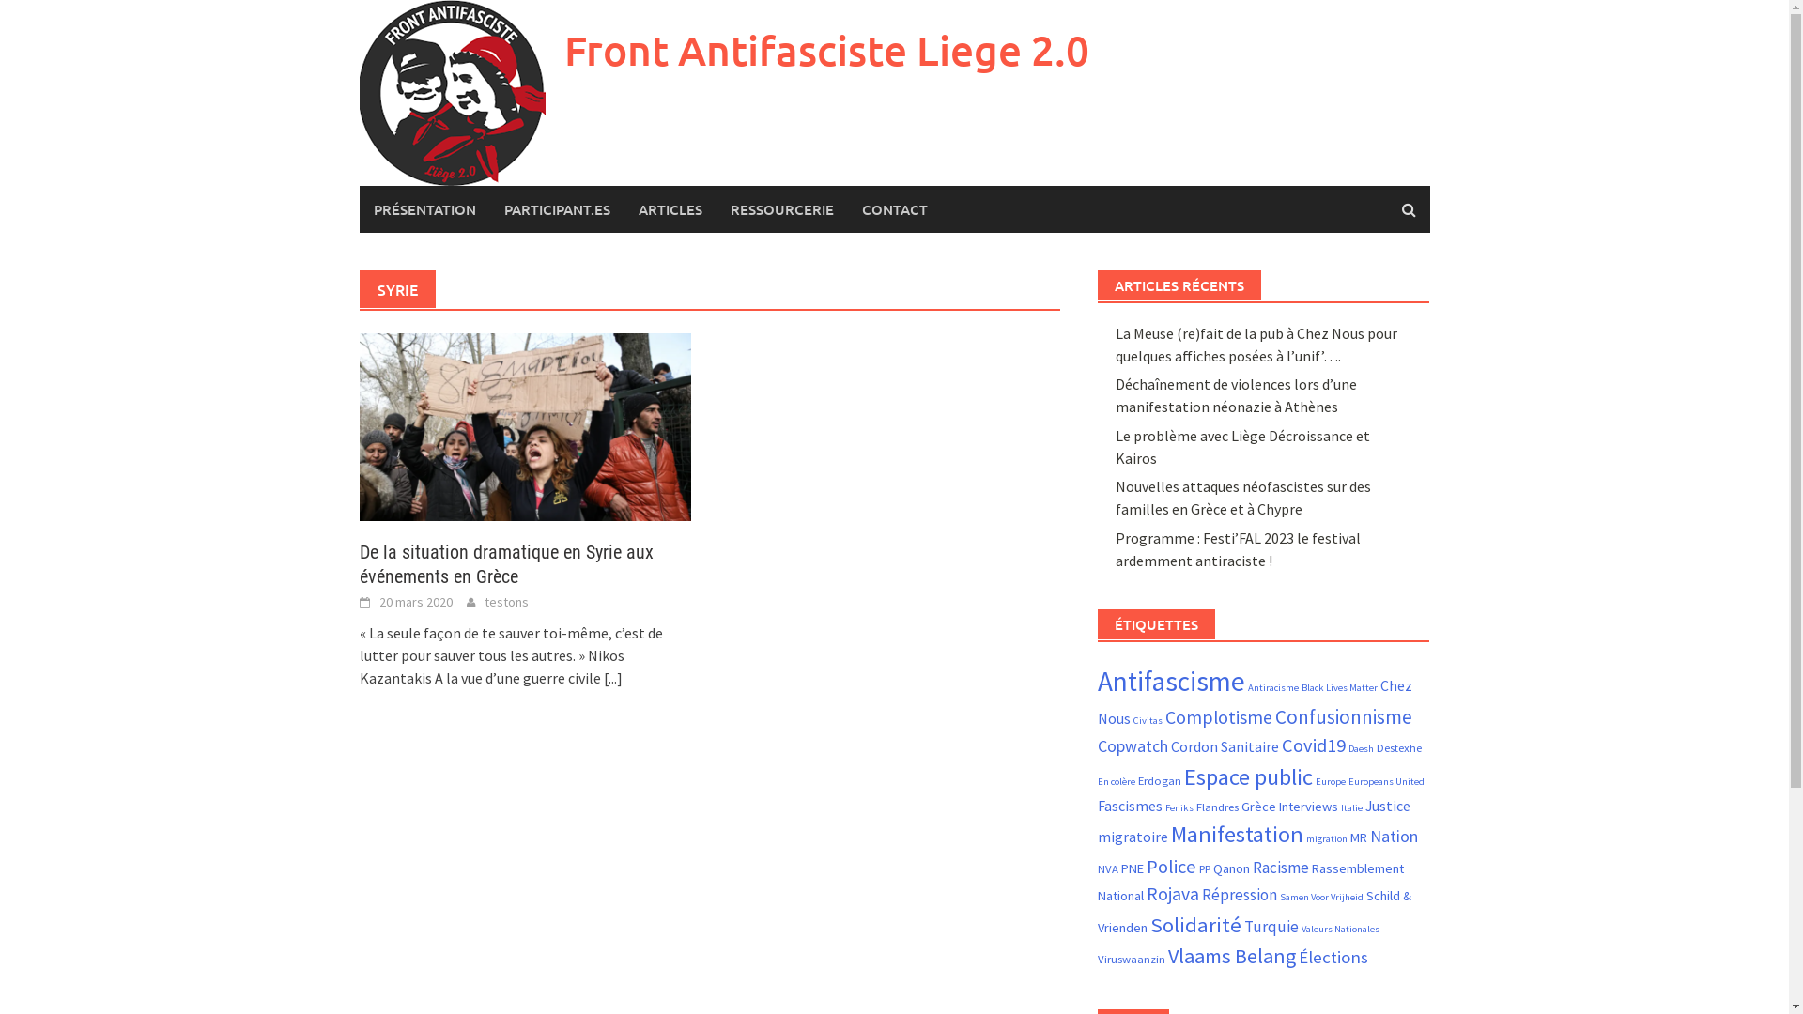 This screenshot has height=1014, width=1803. What do you see at coordinates (1108, 868) in the screenshot?
I see `'NVA'` at bounding box center [1108, 868].